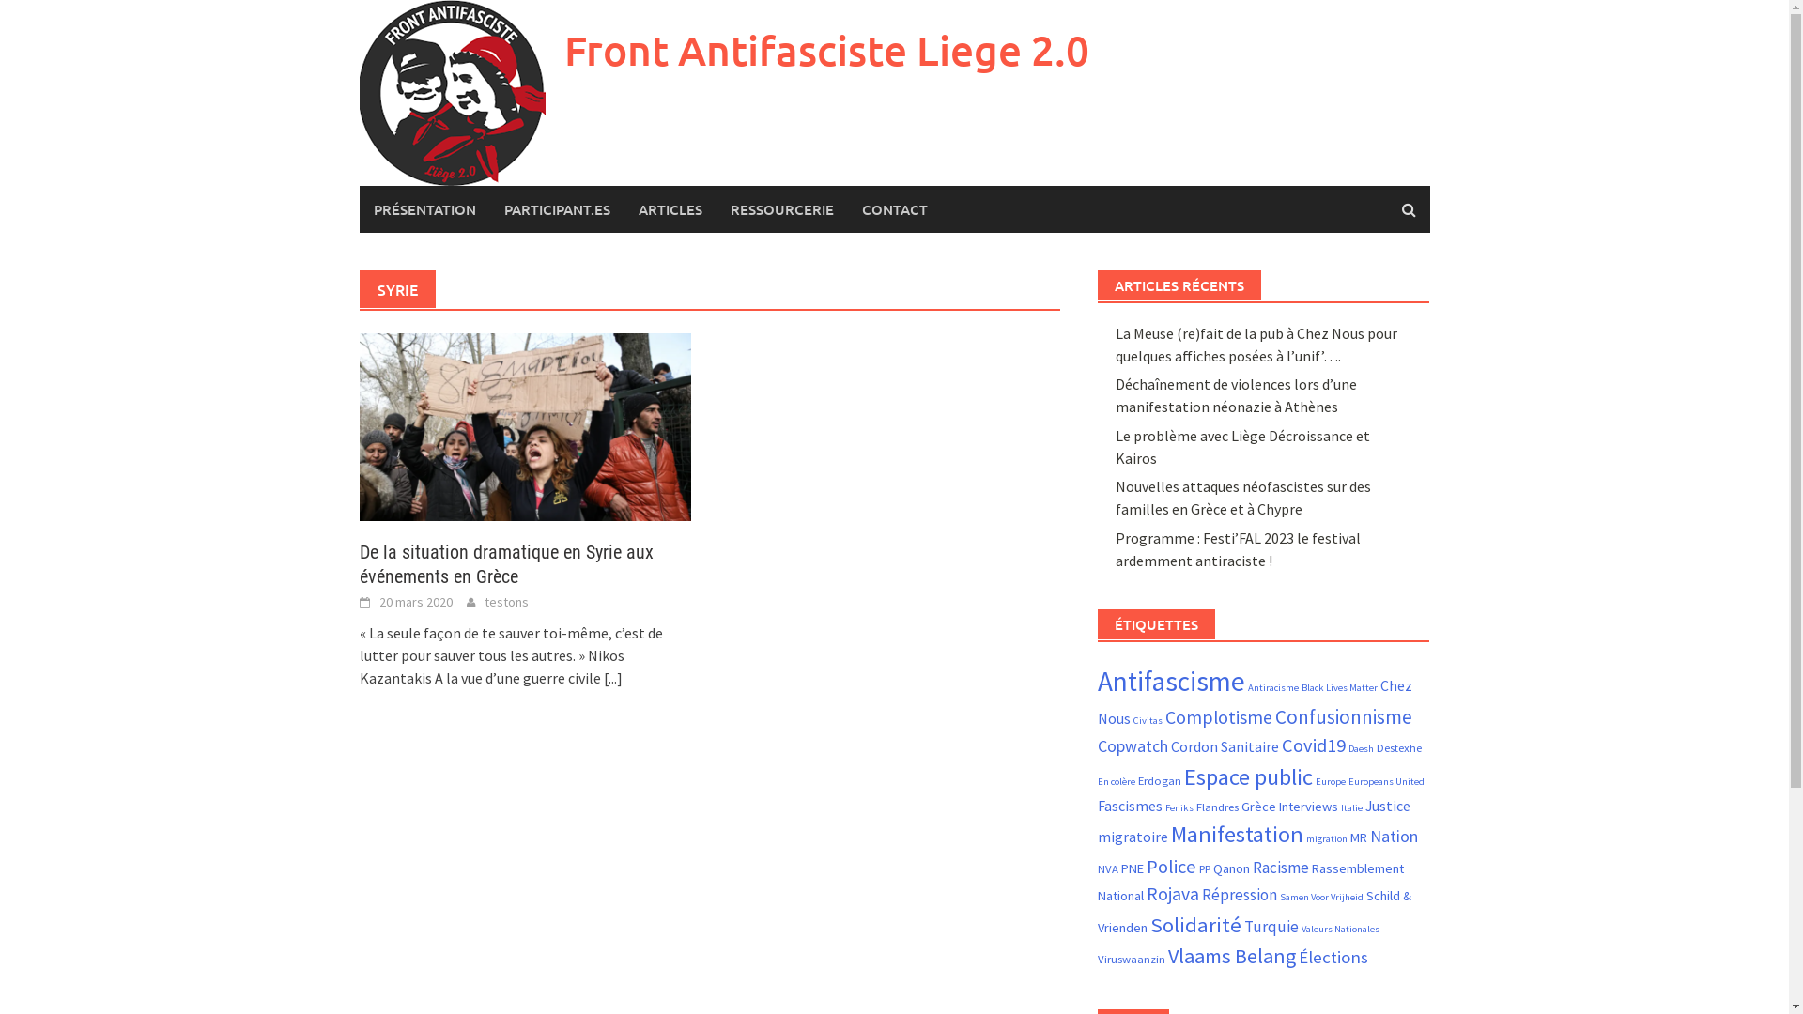 This screenshot has height=1014, width=1803. What do you see at coordinates (1108, 868) in the screenshot?
I see `'NVA'` at bounding box center [1108, 868].